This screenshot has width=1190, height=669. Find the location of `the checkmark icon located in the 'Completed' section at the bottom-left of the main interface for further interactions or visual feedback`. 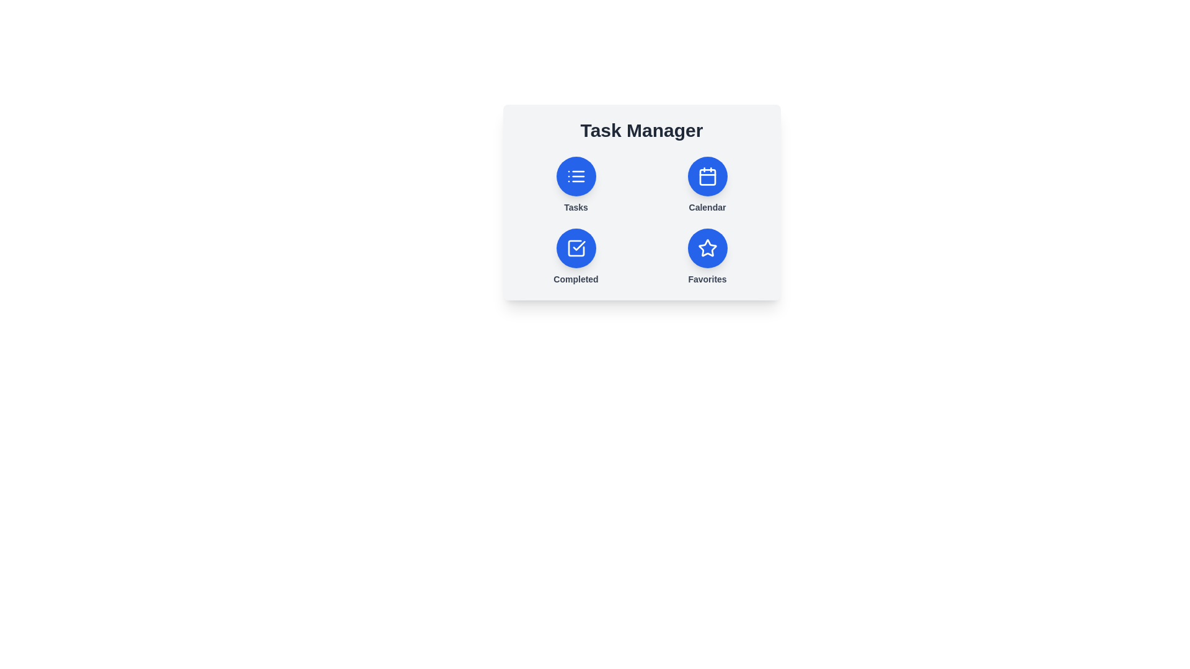

the checkmark icon located in the 'Completed' section at the bottom-left of the main interface for further interactions or visual feedback is located at coordinates (578, 246).